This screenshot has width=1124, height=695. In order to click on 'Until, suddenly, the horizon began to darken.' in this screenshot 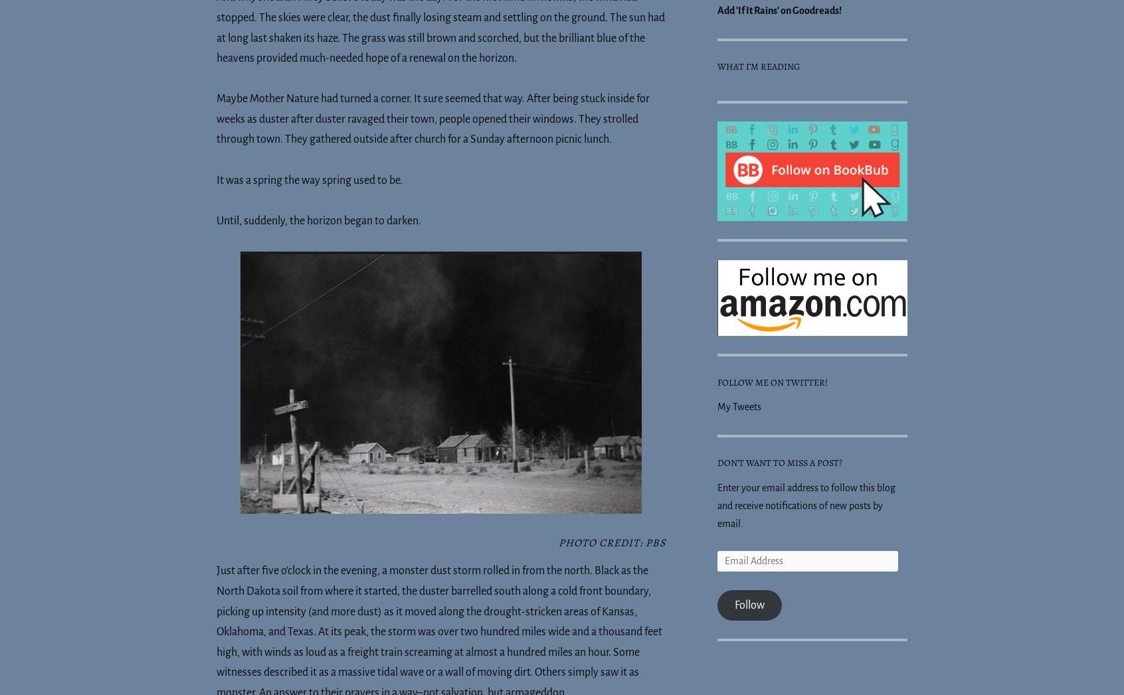, I will do `click(318, 220)`.